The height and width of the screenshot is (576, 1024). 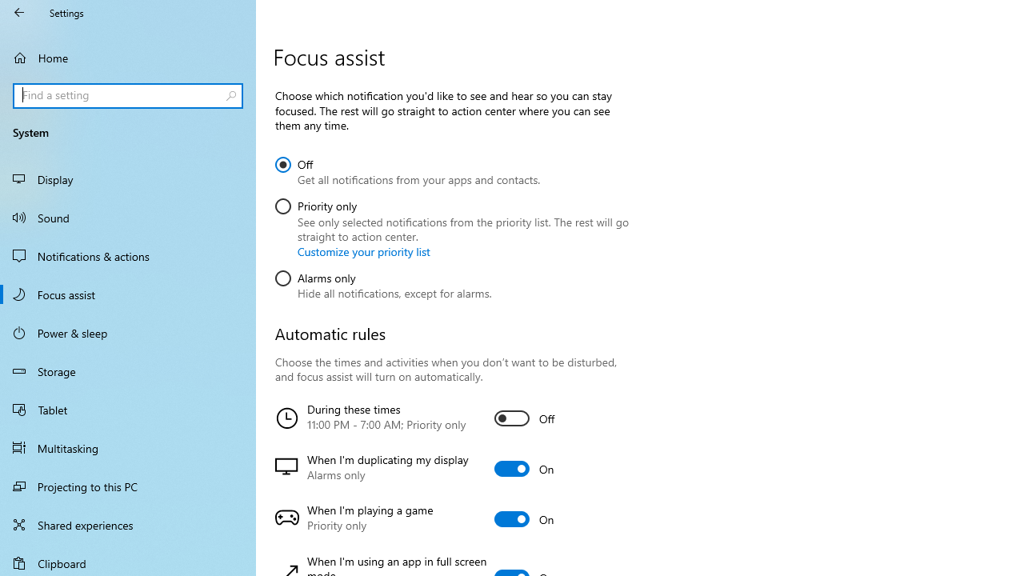 What do you see at coordinates (128, 255) in the screenshot?
I see `'Notifications & actions'` at bounding box center [128, 255].